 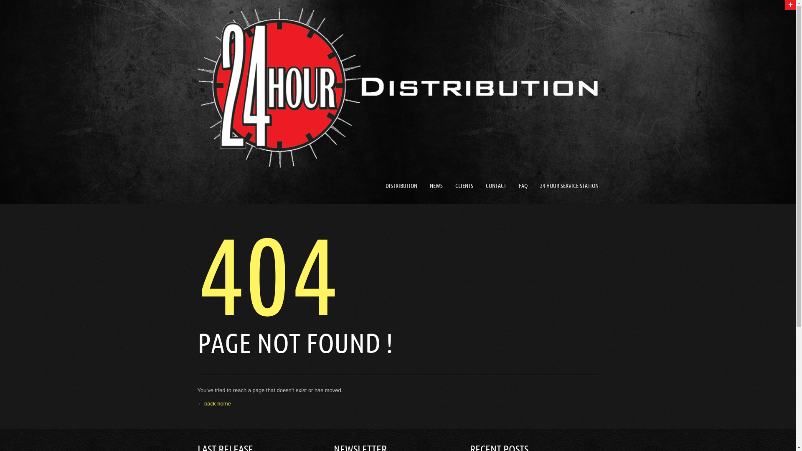 What do you see at coordinates (495, 185) in the screenshot?
I see `'CONTACT'` at bounding box center [495, 185].